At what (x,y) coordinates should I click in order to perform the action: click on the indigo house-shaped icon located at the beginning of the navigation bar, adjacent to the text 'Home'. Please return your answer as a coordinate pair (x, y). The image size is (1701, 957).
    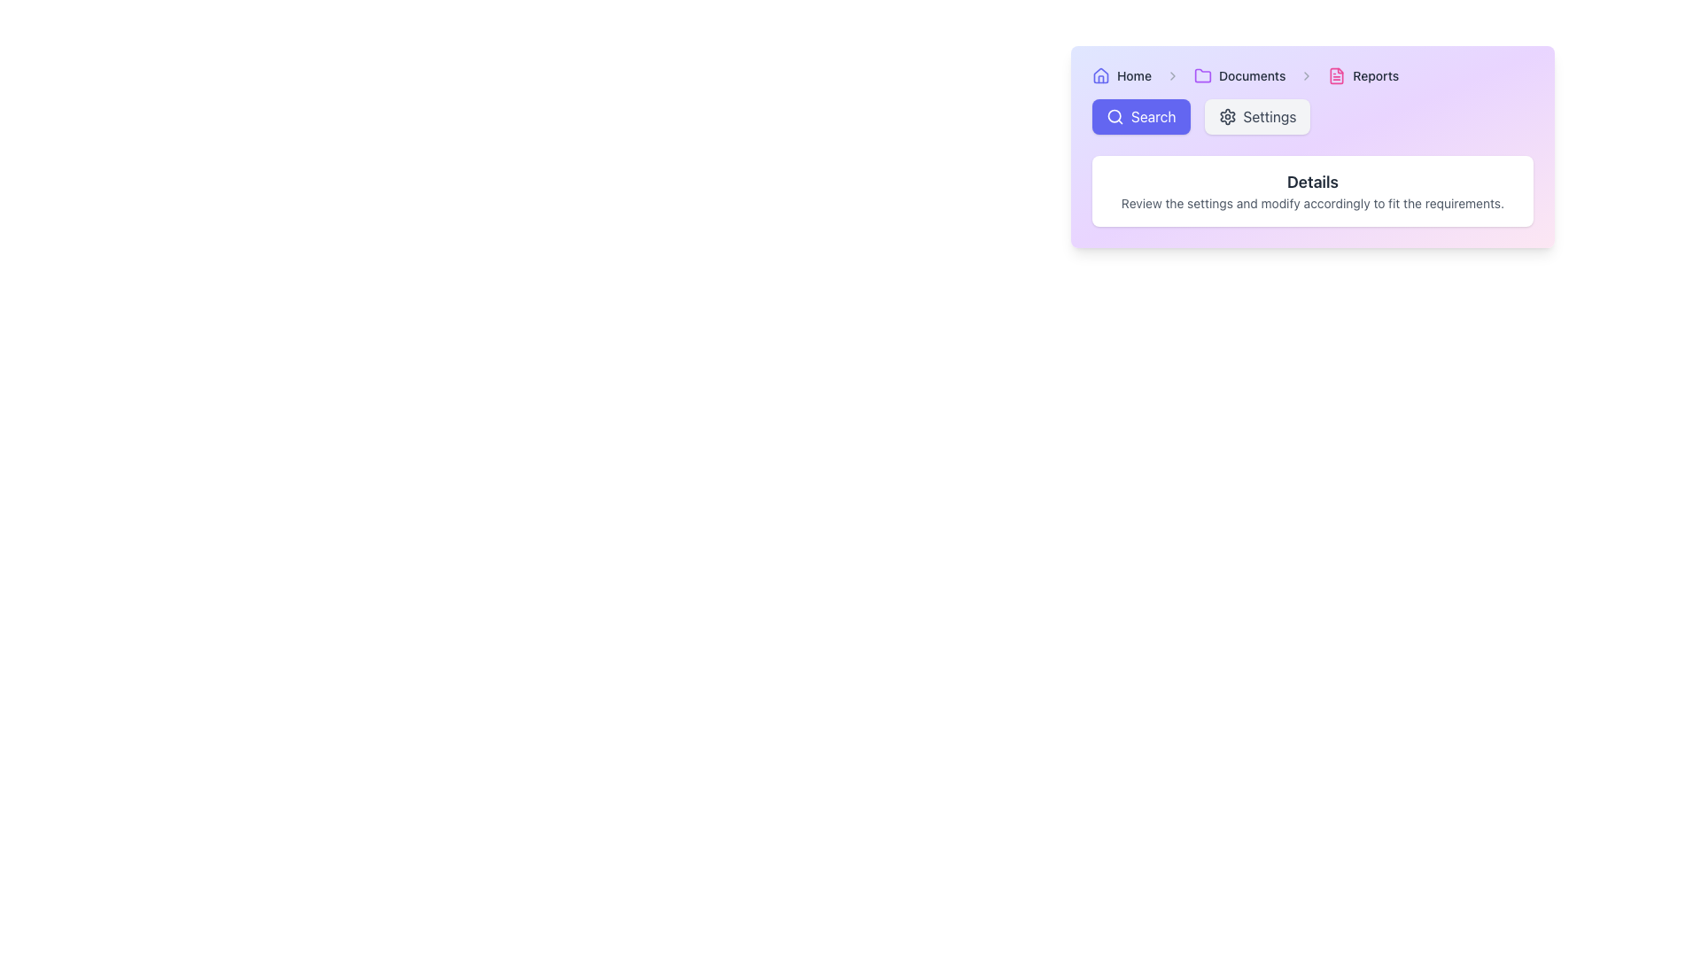
    Looking at the image, I should click on (1100, 74).